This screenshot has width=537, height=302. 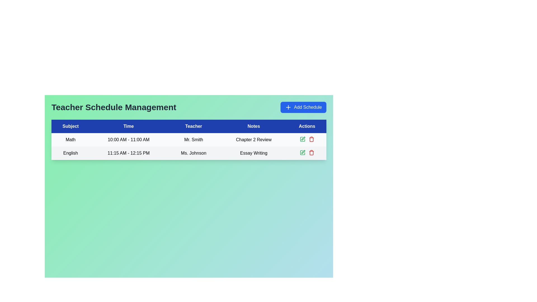 What do you see at coordinates (128, 140) in the screenshot?
I see `the static Text label displaying the scheduled time for the 'Math' class` at bounding box center [128, 140].